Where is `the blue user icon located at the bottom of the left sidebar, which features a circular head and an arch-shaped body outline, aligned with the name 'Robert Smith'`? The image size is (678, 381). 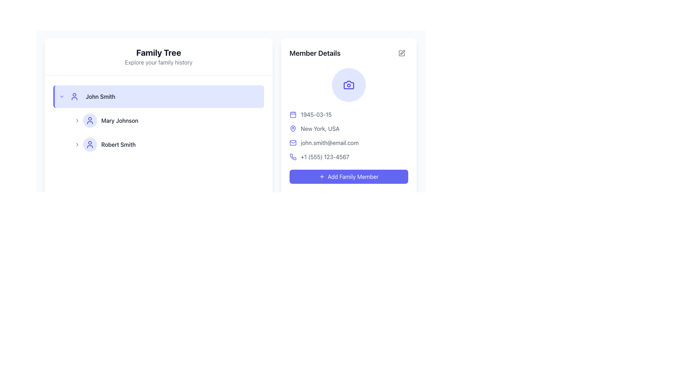 the blue user icon located at the bottom of the left sidebar, which features a circular head and an arch-shaped body outline, aligned with the name 'Robert Smith' is located at coordinates (89, 144).